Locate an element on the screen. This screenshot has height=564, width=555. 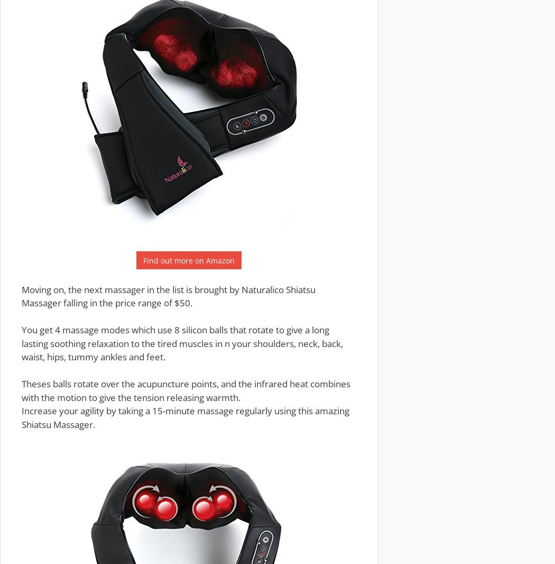
'Find out more on Amazon' is located at coordinates (188, 260).